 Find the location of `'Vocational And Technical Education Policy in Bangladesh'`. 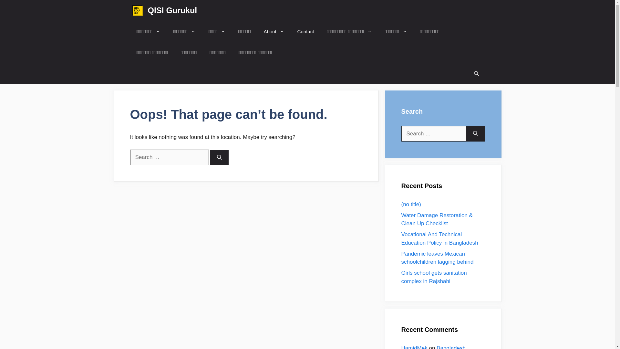

'Vocational And Technical Education Policy in Bangladesh' is located at coordinates (439, 238).